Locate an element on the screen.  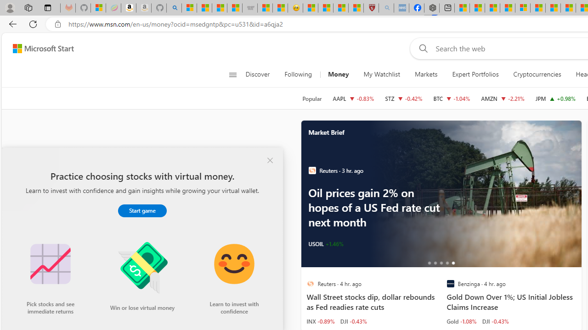
'Following' is located at coordinates (299, 74).